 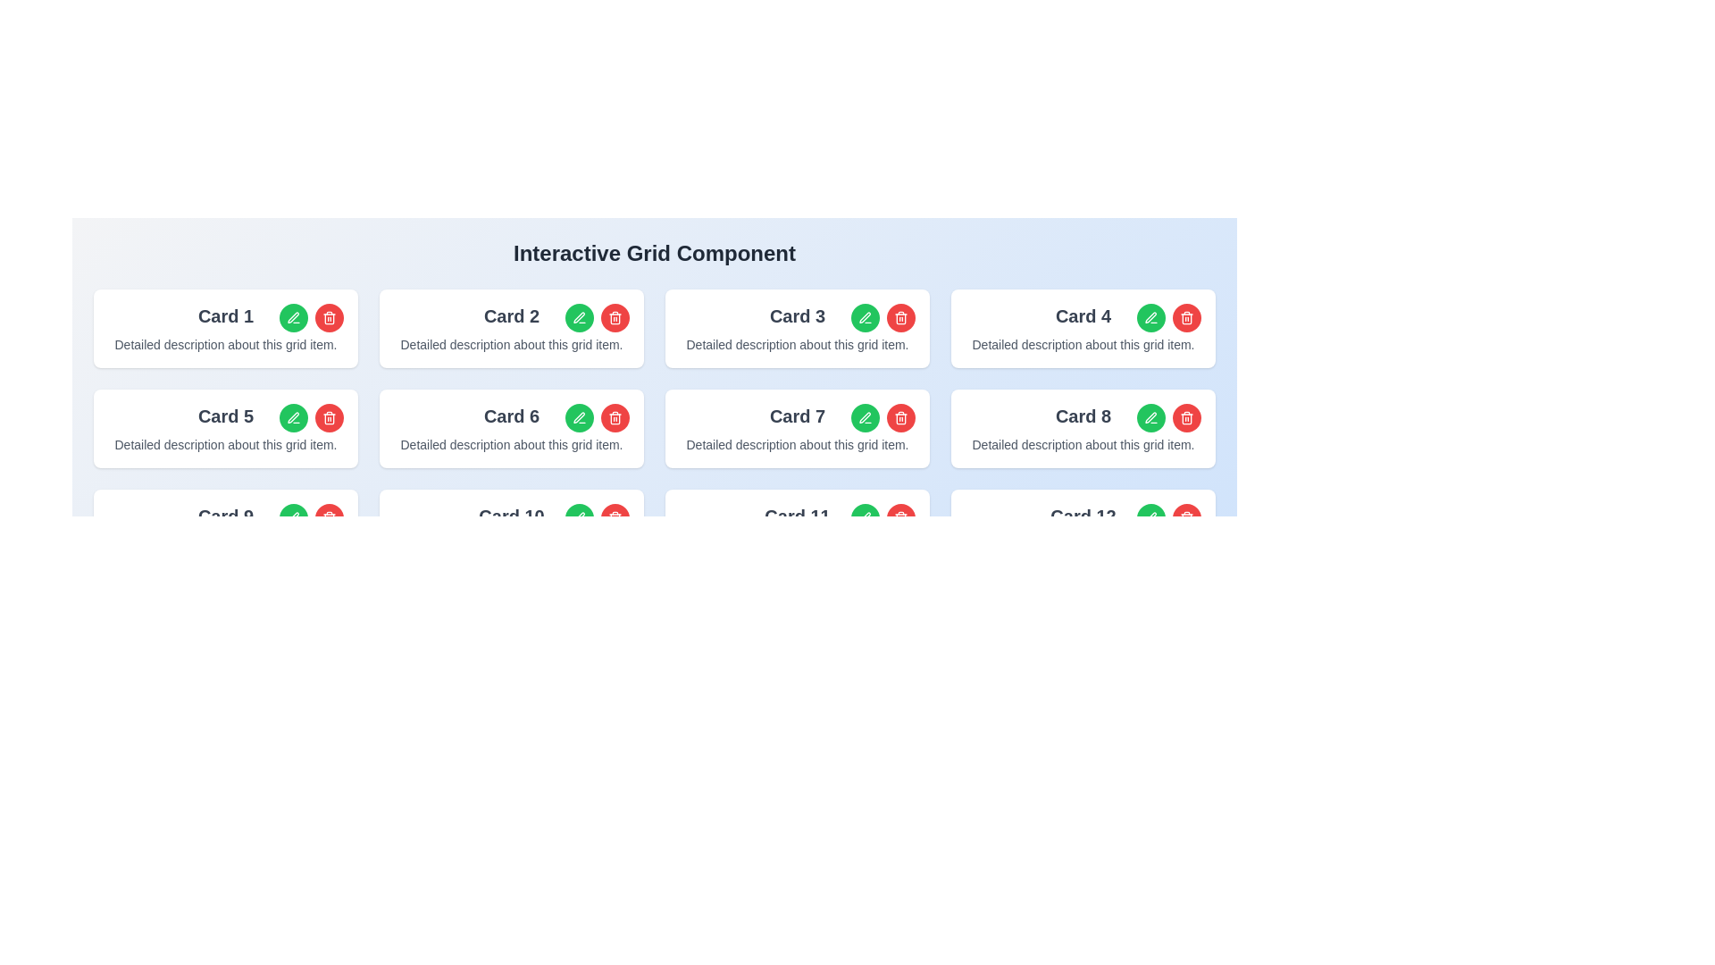 I want to click on the edit button located in the top-right corner of the fifth card in the grid, which is the leftmost button among the pair of buttons, so click(x=294, y=417).